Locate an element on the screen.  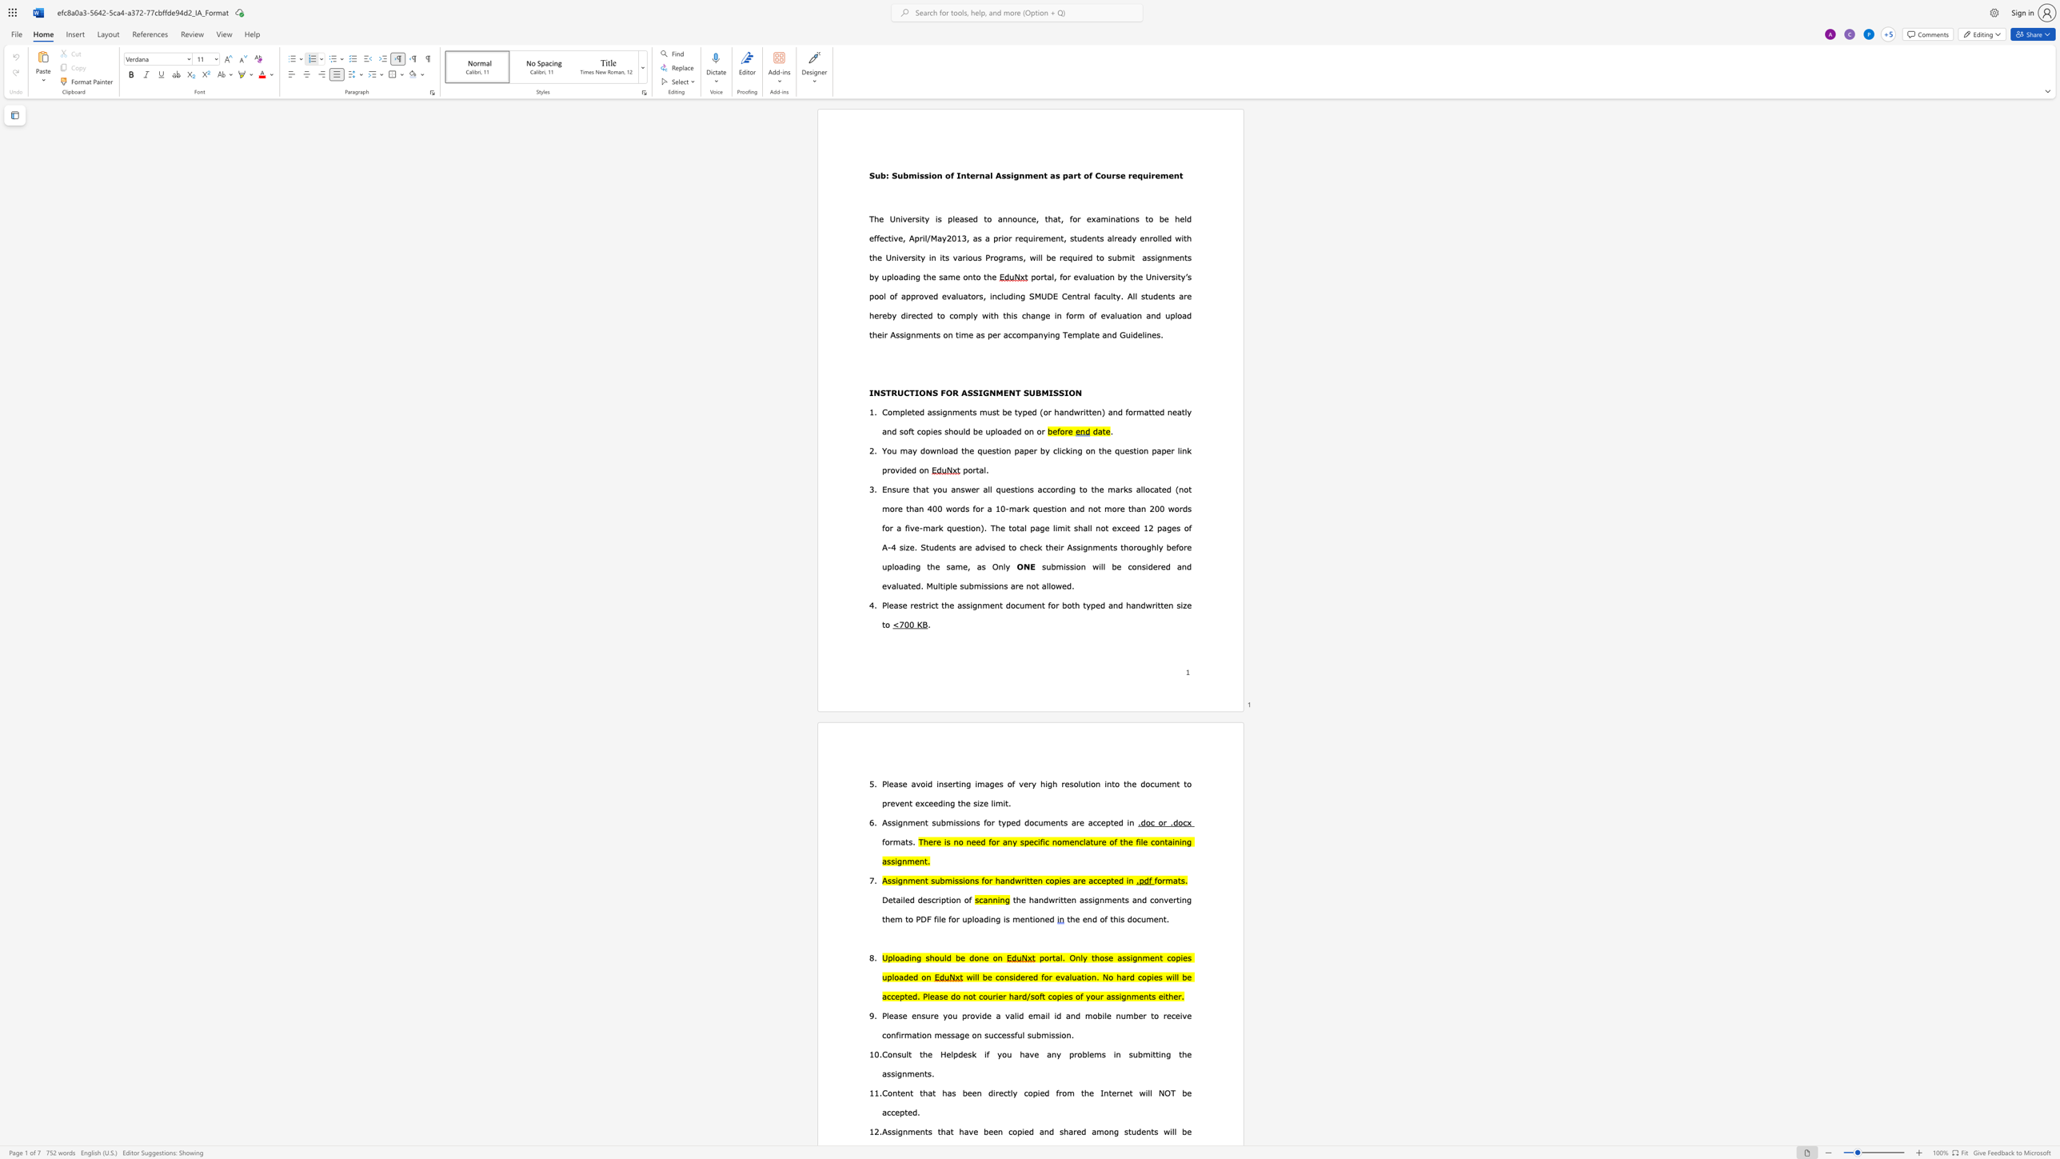
the 1th character "m" in the text is located at coordinates (1059, 566).